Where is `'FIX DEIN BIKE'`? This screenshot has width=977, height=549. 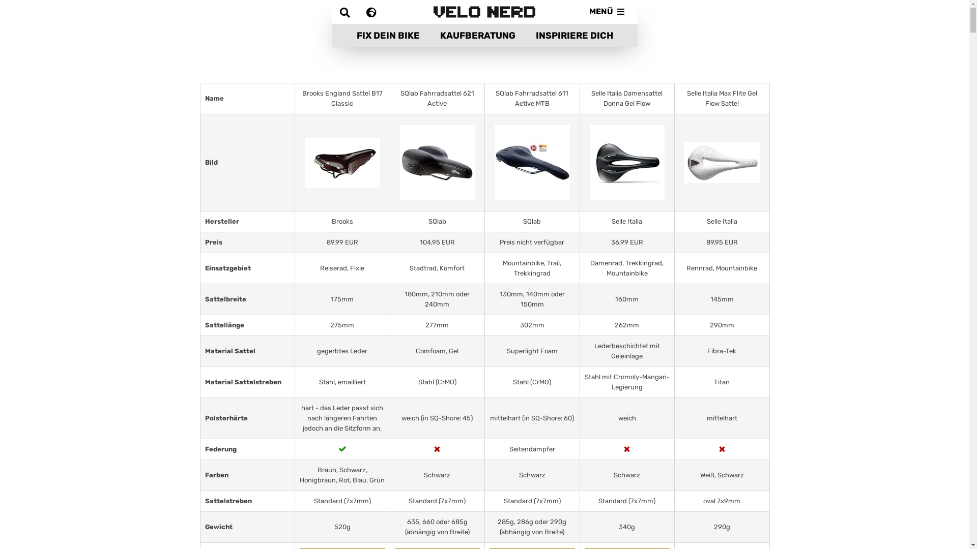
'FIX DEIN BIKE' is located at coordinates (346, 35).